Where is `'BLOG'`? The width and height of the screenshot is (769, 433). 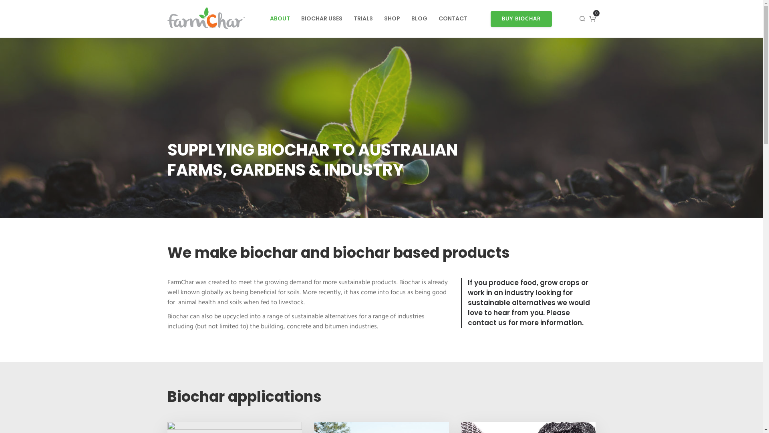 'BLOG' is located at coordinates (419, 18).